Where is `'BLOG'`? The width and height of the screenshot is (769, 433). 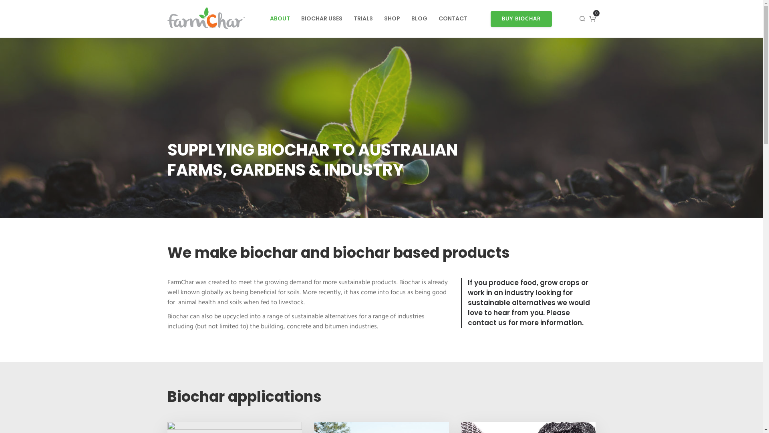 'BLOG' is located at coordinates (419, 18).